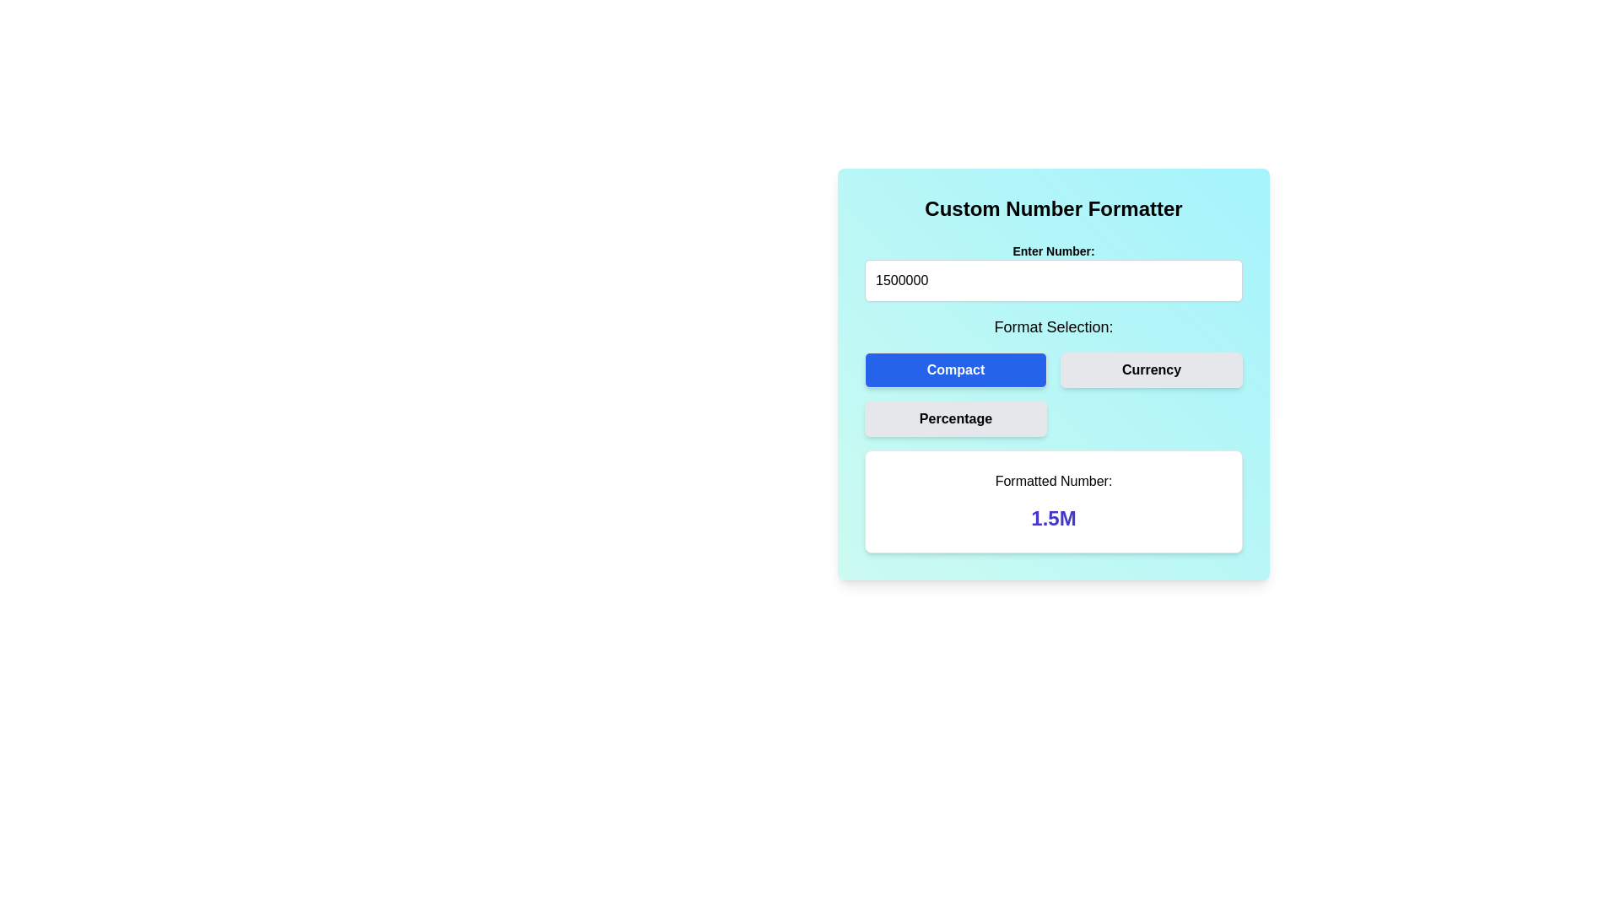 This screenshot has height=911, width=1620. What do you see at coordinates (1052, 500) in the screenshot?
I see `the static text section that displays the formatted version of a numerical input, located below the 'Format Selection' section and centered horizontally` at bounding box center [1052, 500].